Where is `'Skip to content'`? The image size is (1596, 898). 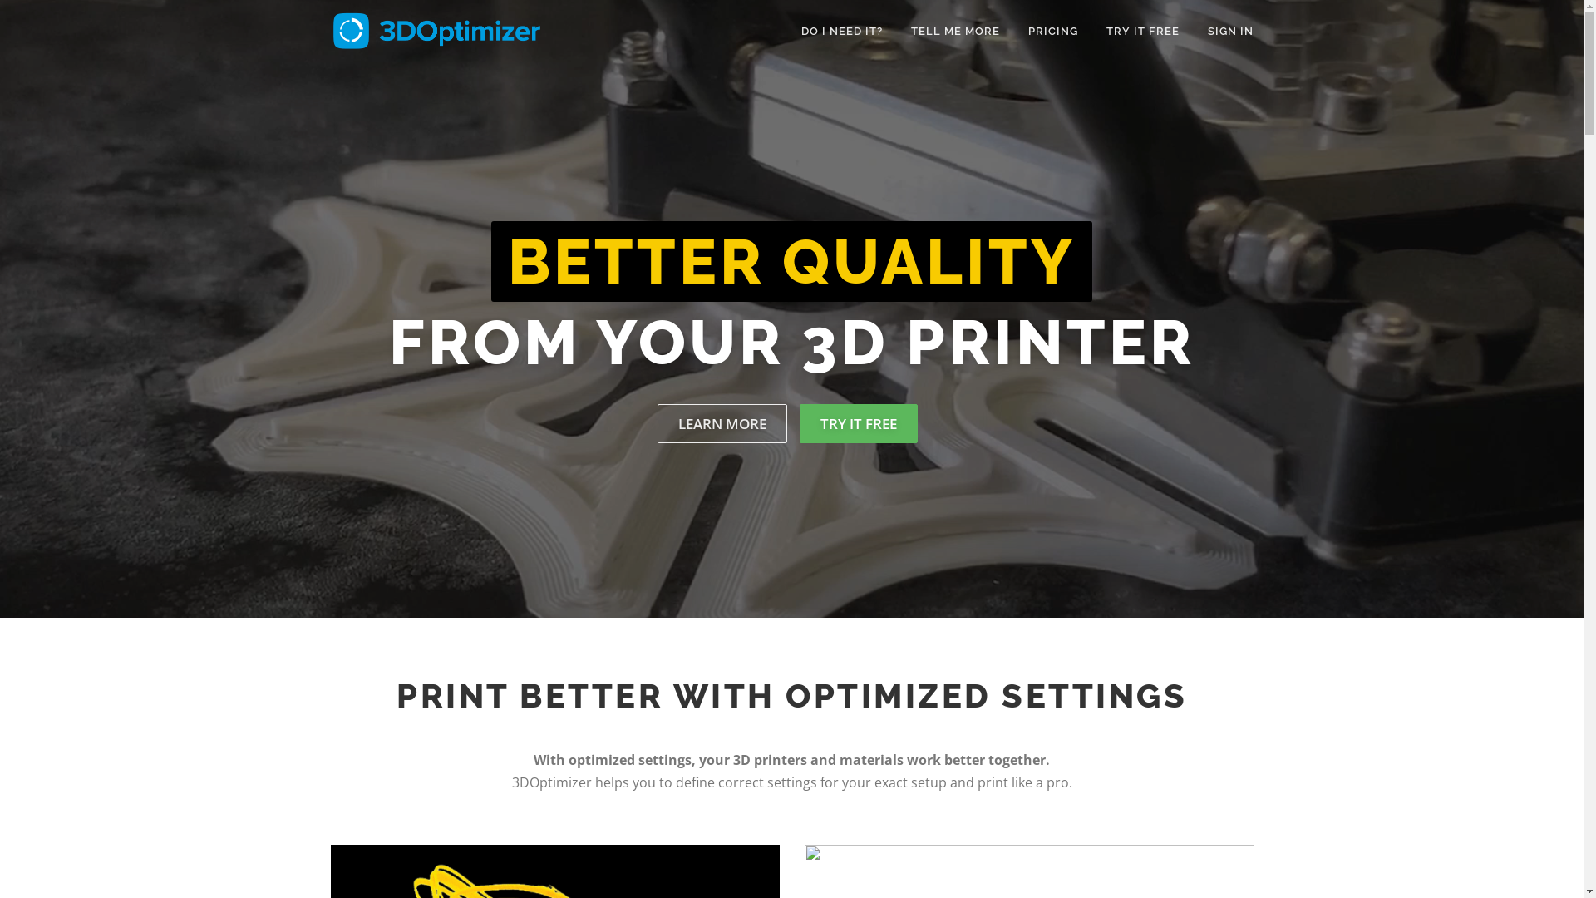
'Skip to content' is located at coordinates (47, 11).